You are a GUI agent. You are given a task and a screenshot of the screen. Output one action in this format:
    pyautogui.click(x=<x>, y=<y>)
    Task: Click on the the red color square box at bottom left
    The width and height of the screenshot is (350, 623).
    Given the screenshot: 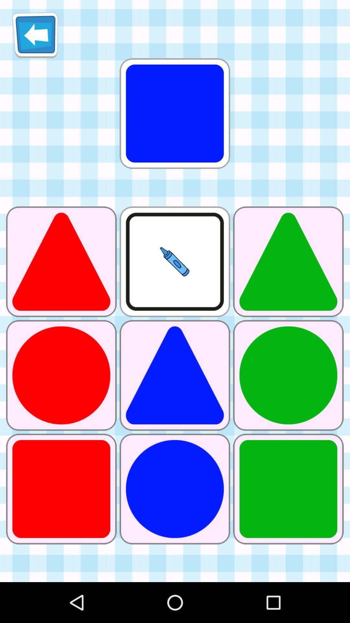 What is the action you would take?
    pyautogui.click(x=61, y=489)
    